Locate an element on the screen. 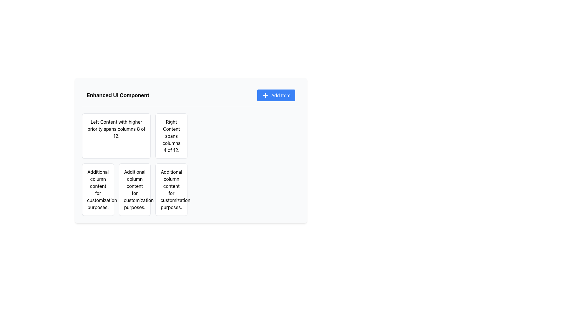 The width and height of the screenshot is (565, 318). the button is located at coordinates (275, 95).